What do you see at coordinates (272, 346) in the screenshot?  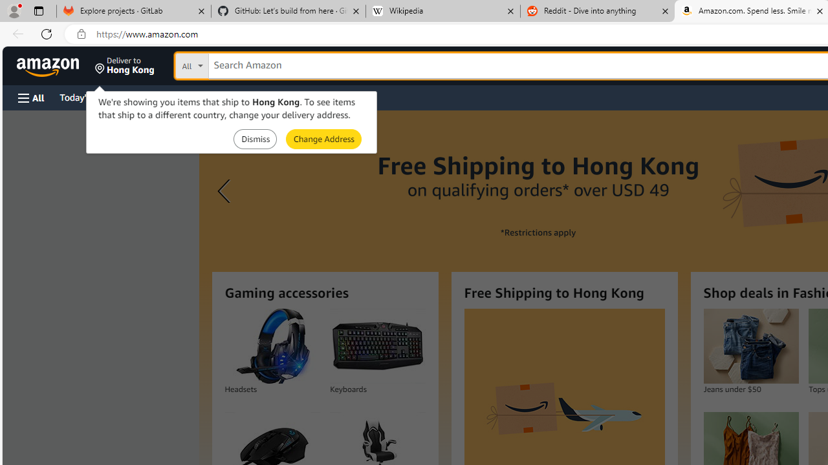 I see `'Headsets'` at bounding box center [272, 346].